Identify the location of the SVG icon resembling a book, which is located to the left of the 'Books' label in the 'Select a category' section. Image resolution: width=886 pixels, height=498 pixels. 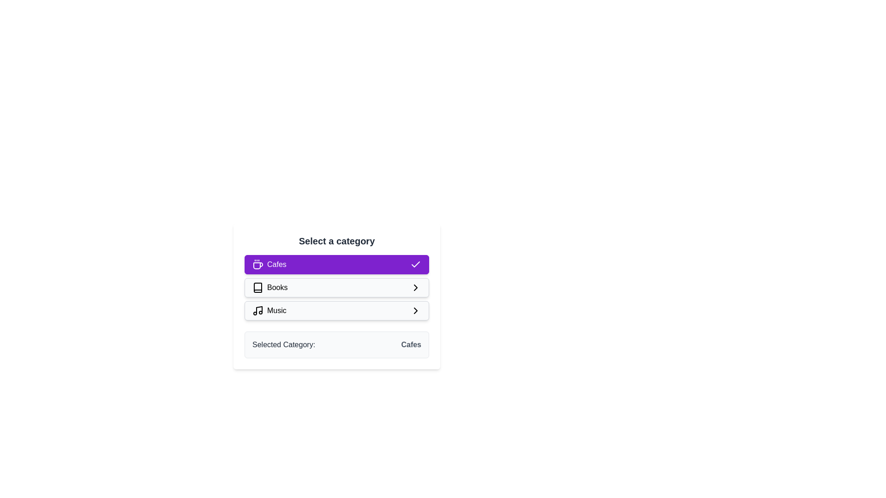
(257, 287).